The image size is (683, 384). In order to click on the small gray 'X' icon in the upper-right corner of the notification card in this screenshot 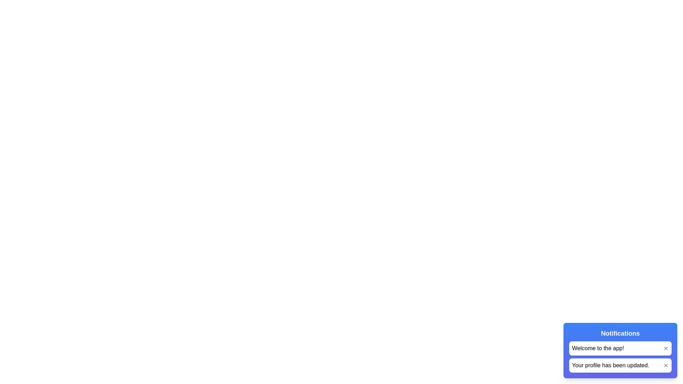, I will do `click(666, 348)`.